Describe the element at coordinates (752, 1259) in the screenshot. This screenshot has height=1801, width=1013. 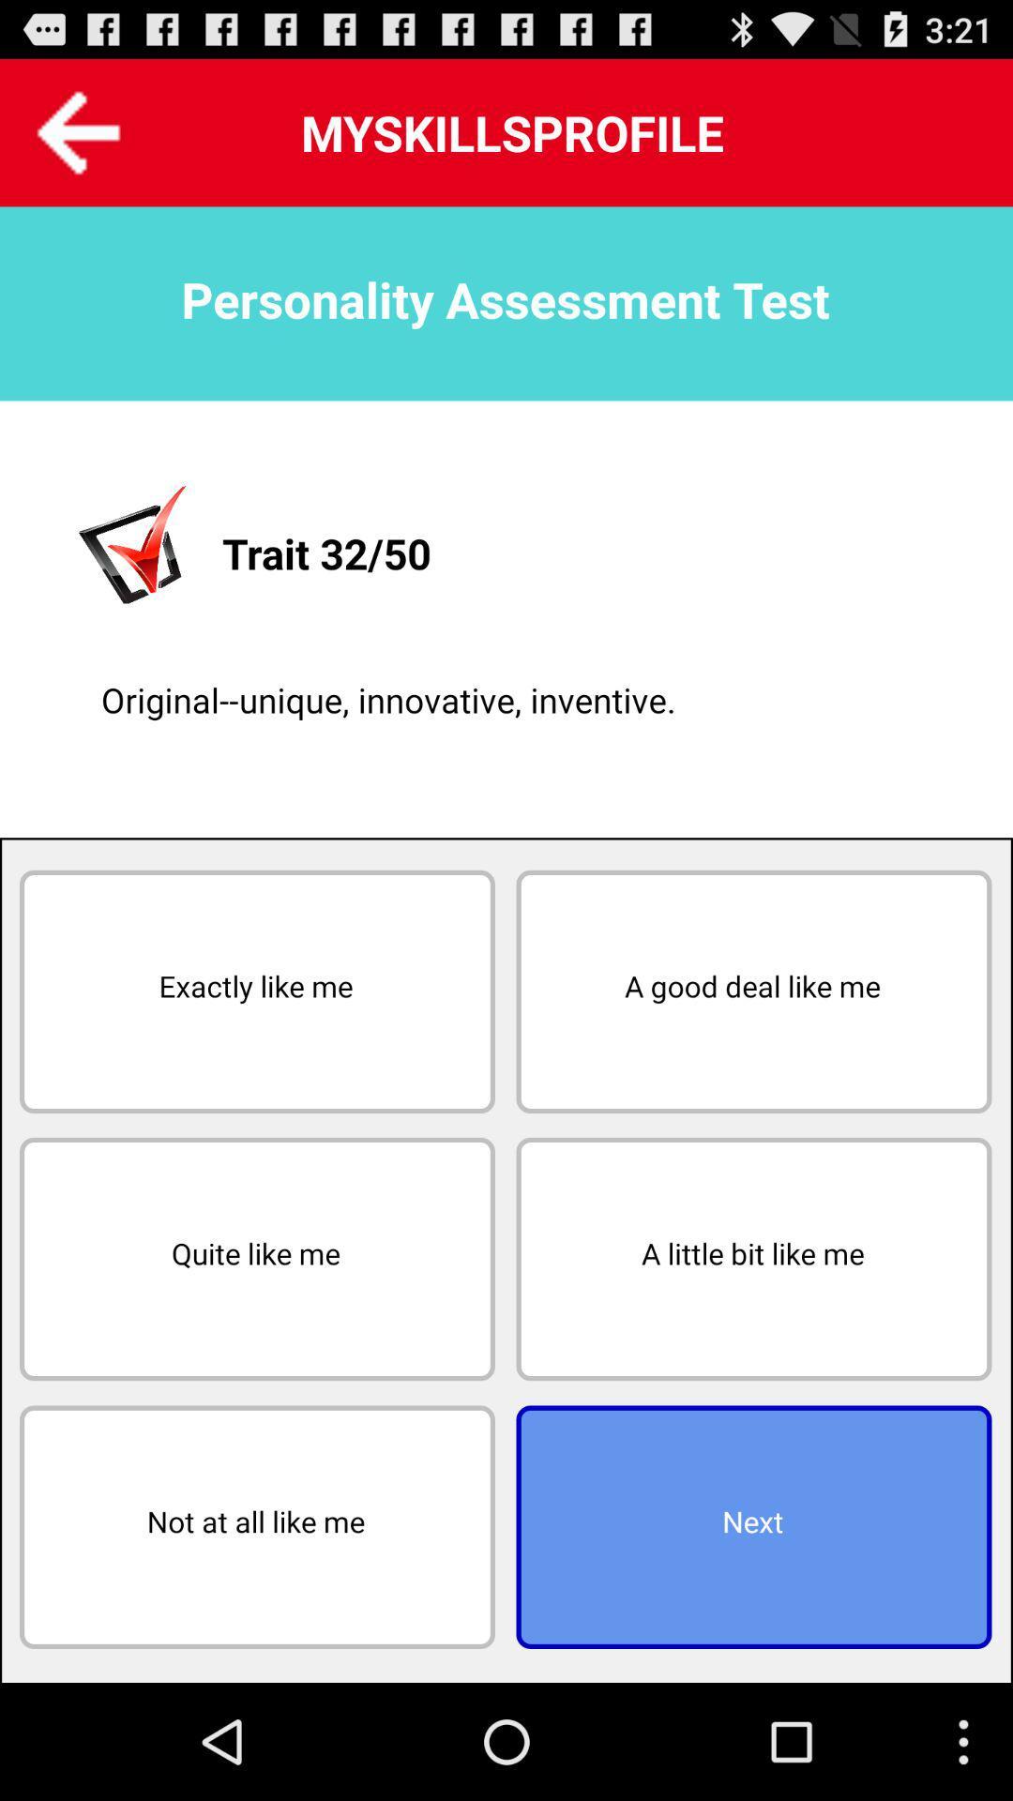
I see `icon next to the quite like me button` at that location.